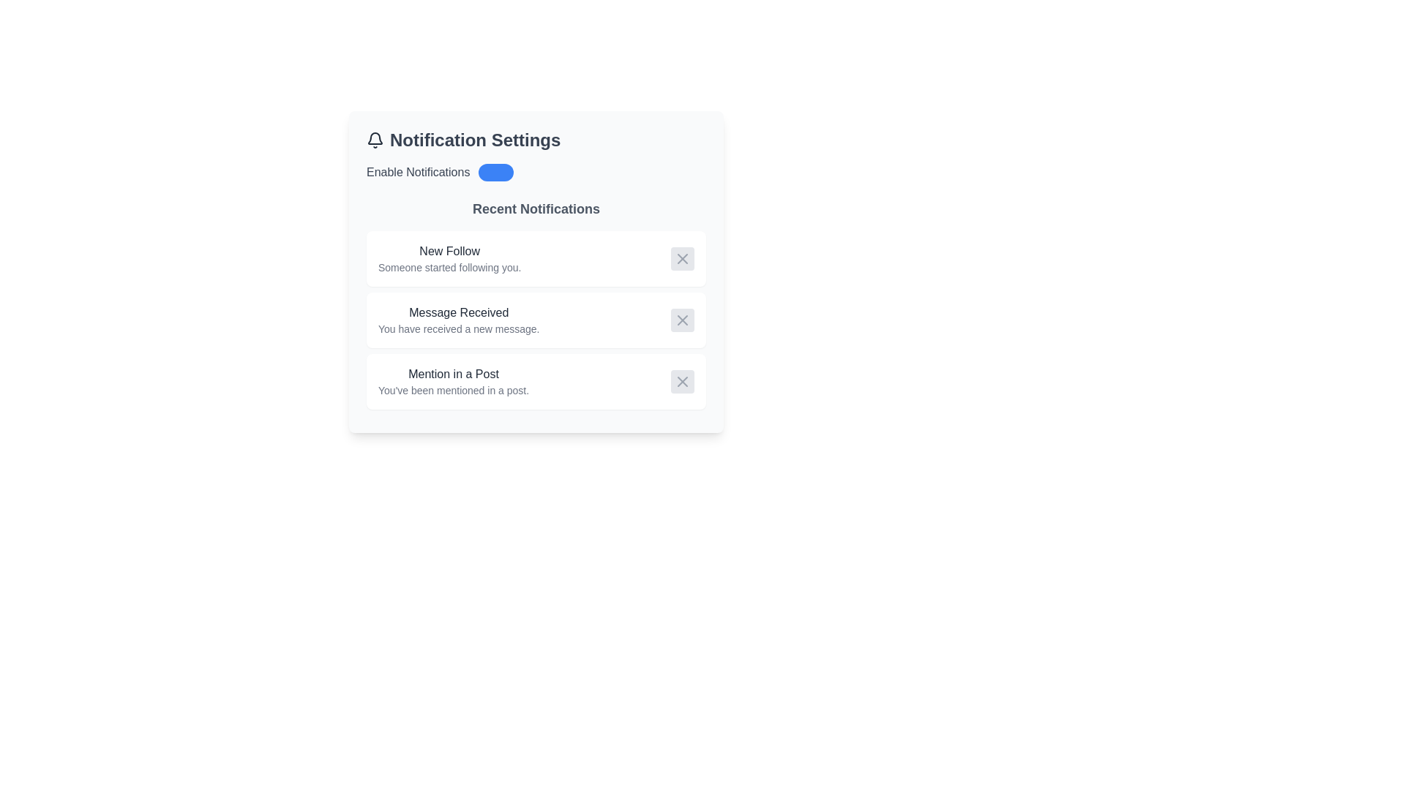 The height and width of the screenshot is (790, 1405). What do you see at coordinates (458, 320) in the screenshot?
I see `the Notification text block that displays 'Message Received' and 'You have received a new message.'` at bounding box center [458, 320].